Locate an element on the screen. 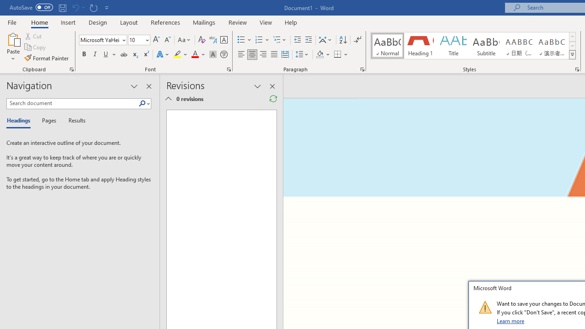 This screenshot has width=585, height=329. 'Can' is located at coordinates (75, 7).